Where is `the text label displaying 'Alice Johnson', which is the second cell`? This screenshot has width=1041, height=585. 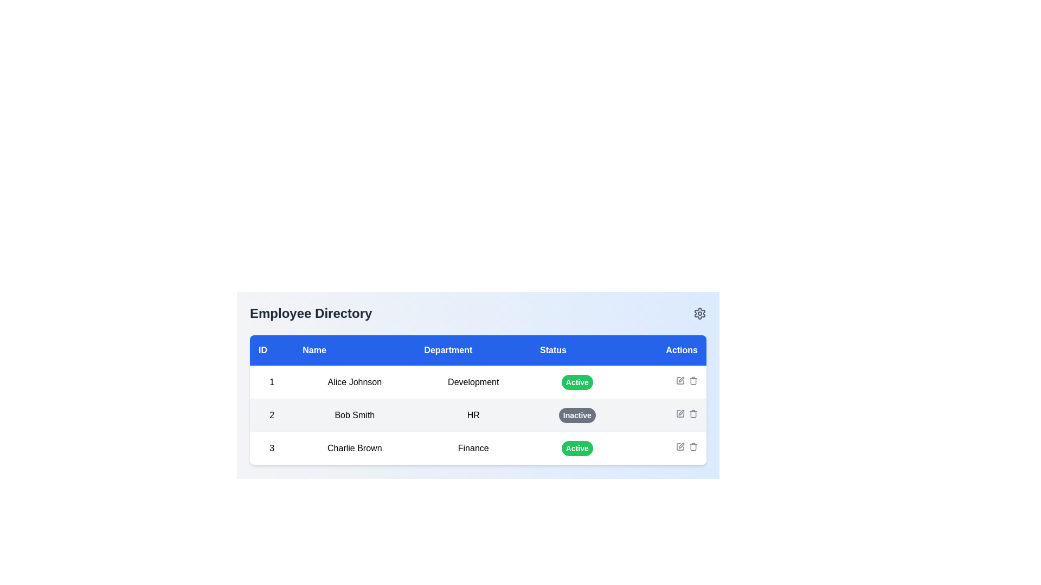 the text label displaying 'Alice Johnson', which is the second cell is located at coordinates (354, 381).